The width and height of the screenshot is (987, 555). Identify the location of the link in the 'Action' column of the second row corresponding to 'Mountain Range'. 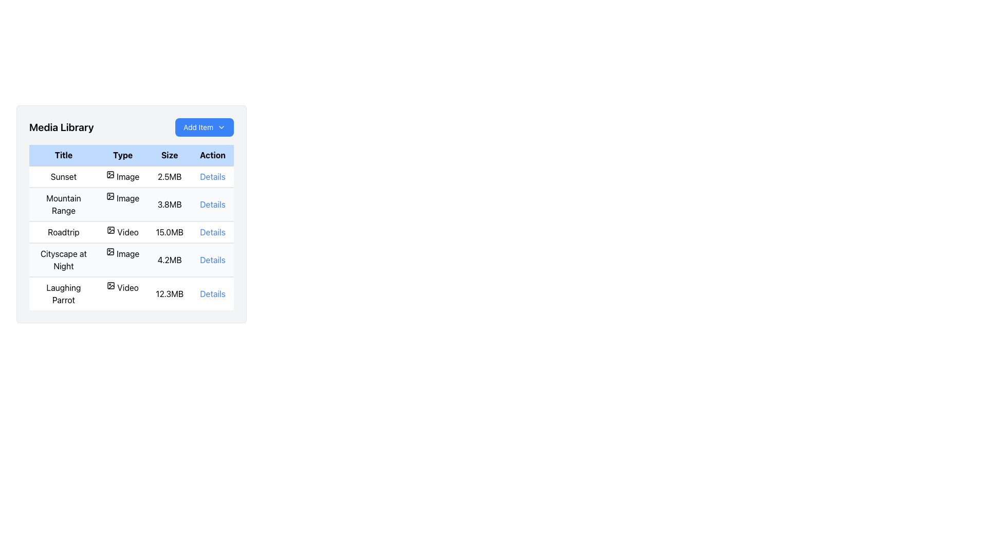
(212, 204).